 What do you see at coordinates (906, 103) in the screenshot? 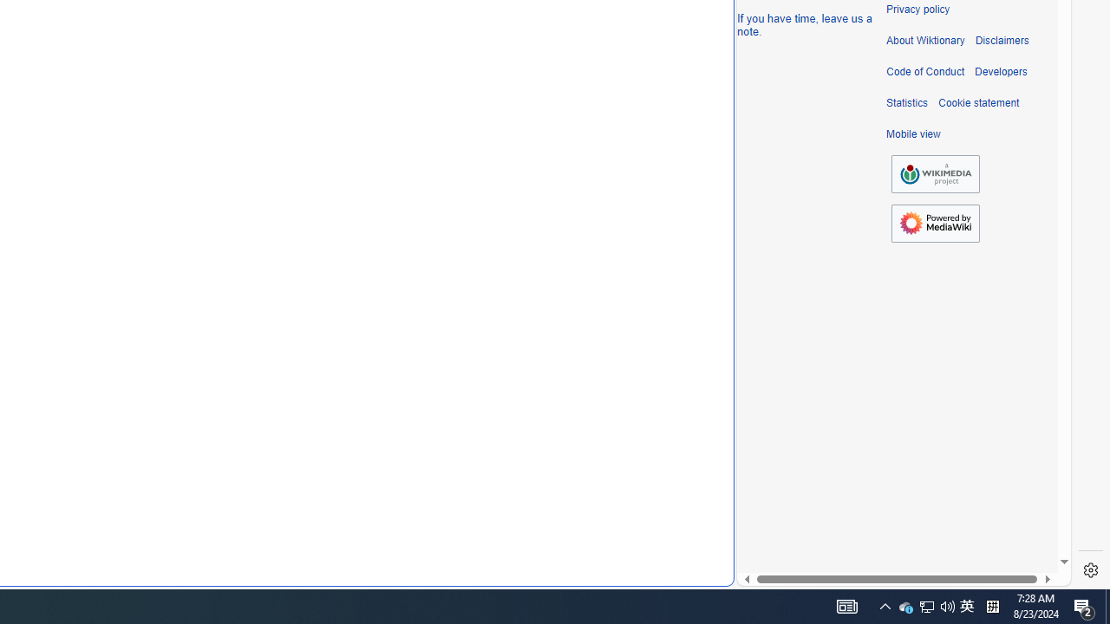
I see `'Statistics'` at bounding box center [906, 103].